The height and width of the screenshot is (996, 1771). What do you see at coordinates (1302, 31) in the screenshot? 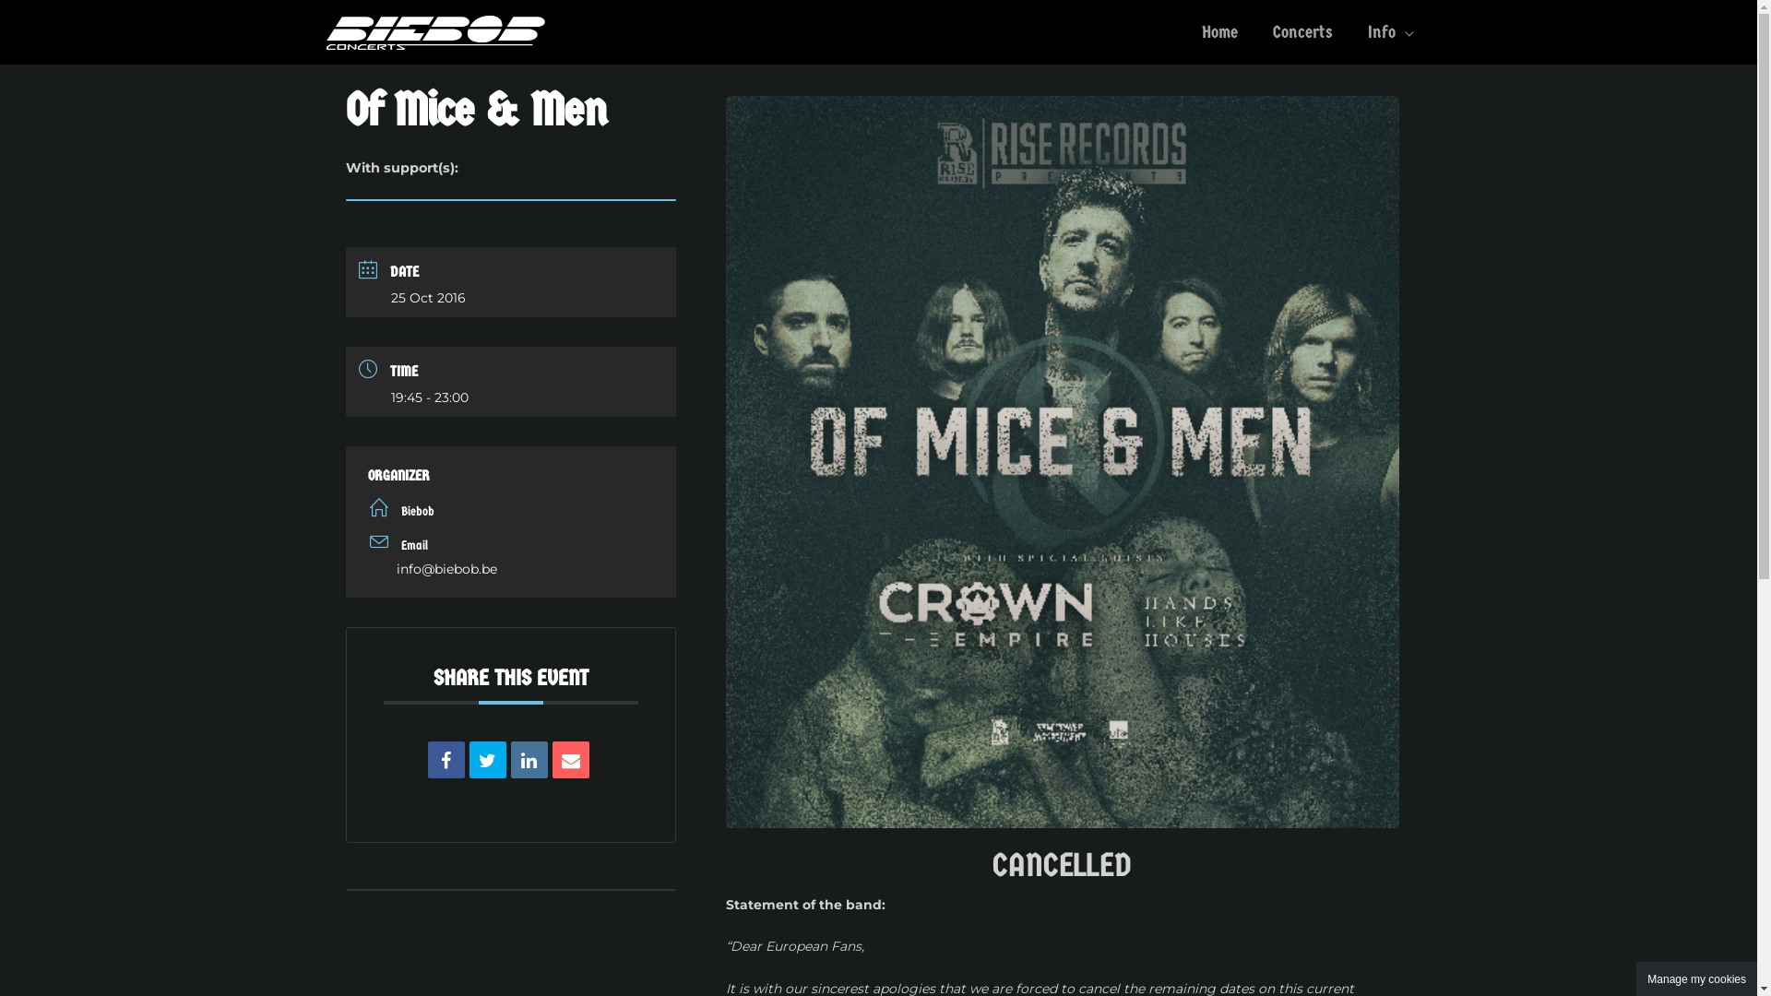
I see `'Concerts'` at bounding box center [1302, 31].